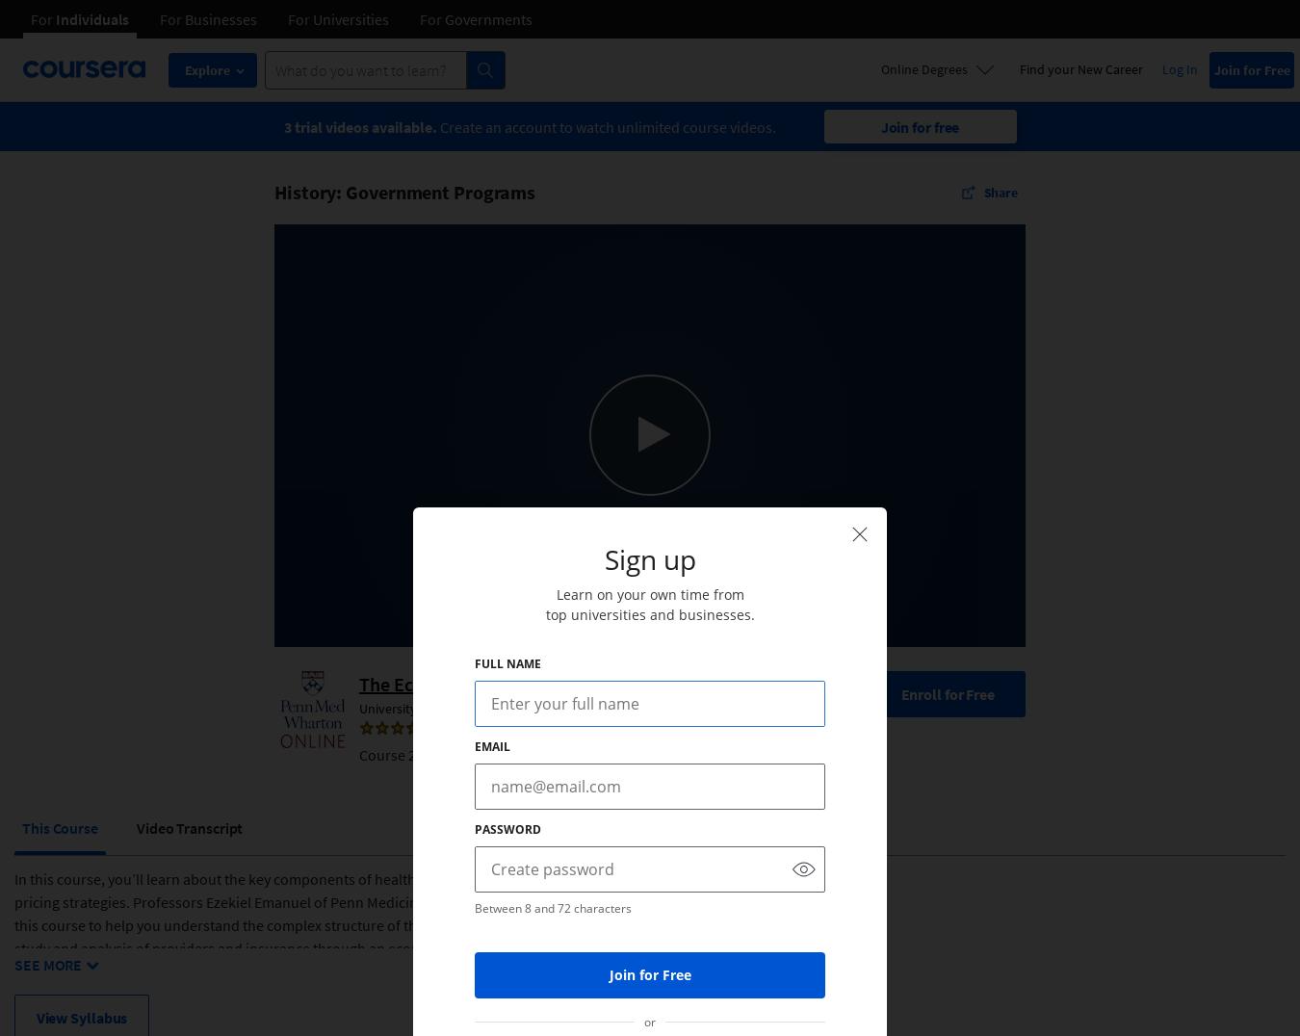  Describe the element at coordinates (649, 973) in the screenshot. I see `'Join for Free'` at that location.